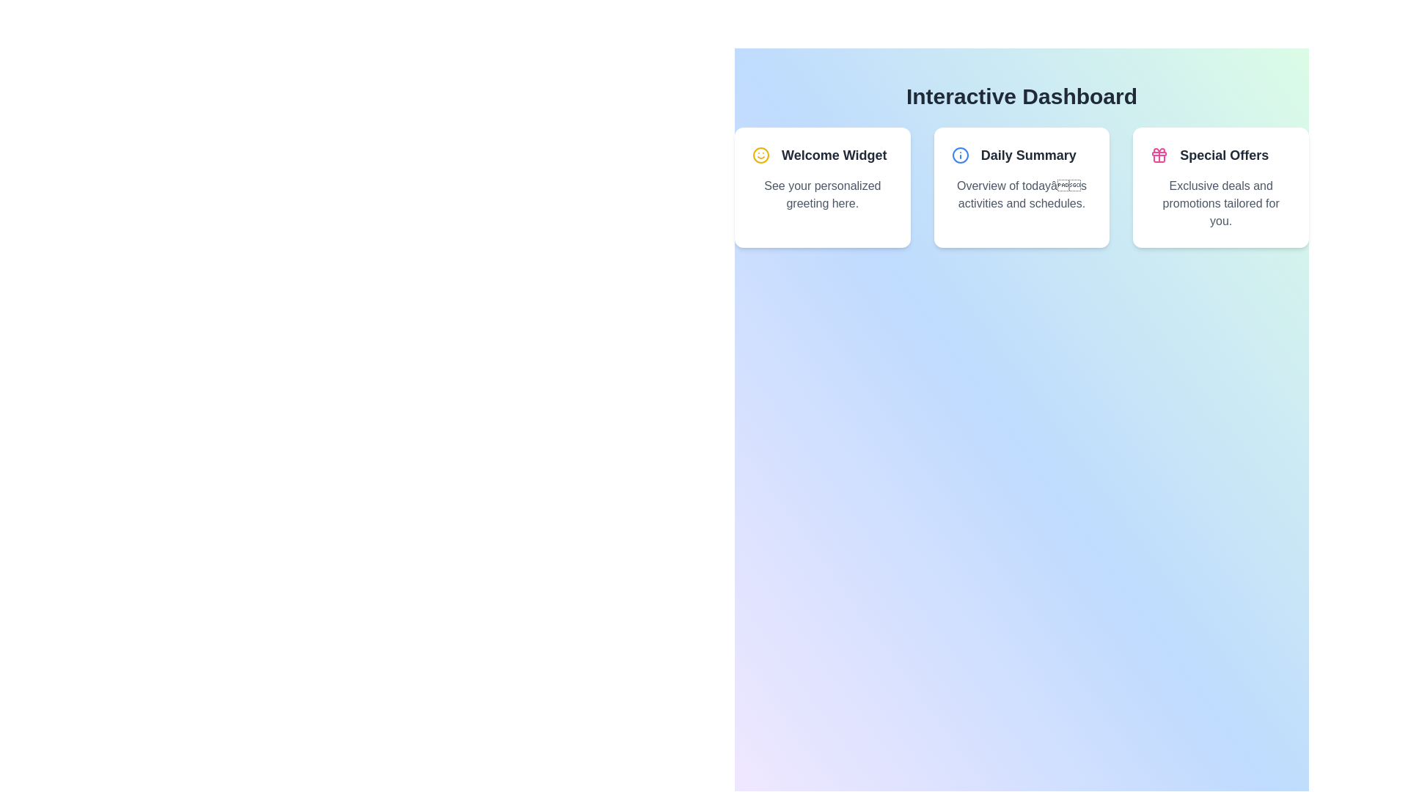 The image size is (1408, 792). I want to click on the 'Daily Summary' text label, so click(1027, 155).